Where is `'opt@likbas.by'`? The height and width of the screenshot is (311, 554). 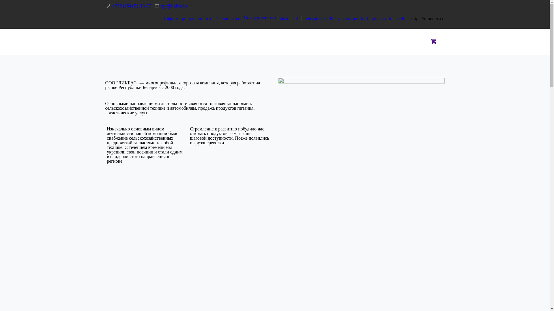 'opt@likbas.by' is located at coordinates (161, 6).